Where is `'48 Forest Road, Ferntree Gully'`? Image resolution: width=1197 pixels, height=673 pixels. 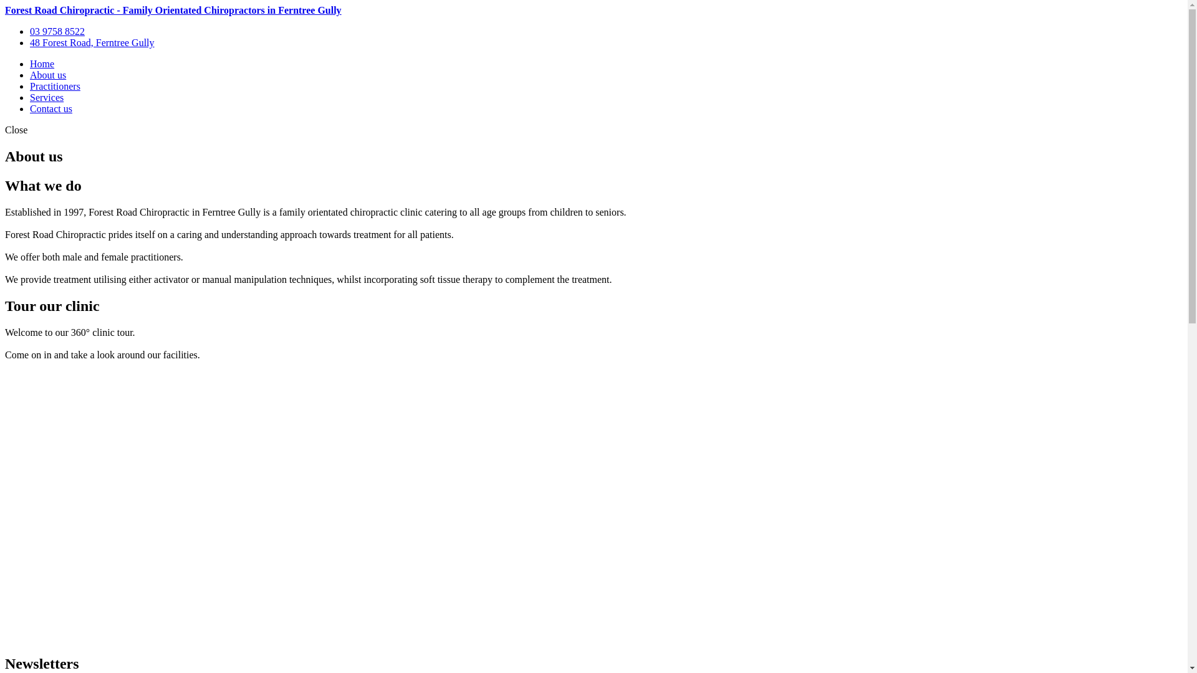 '48 Forest Road, Ferntree Gully' is located at coordinates (92, 42).